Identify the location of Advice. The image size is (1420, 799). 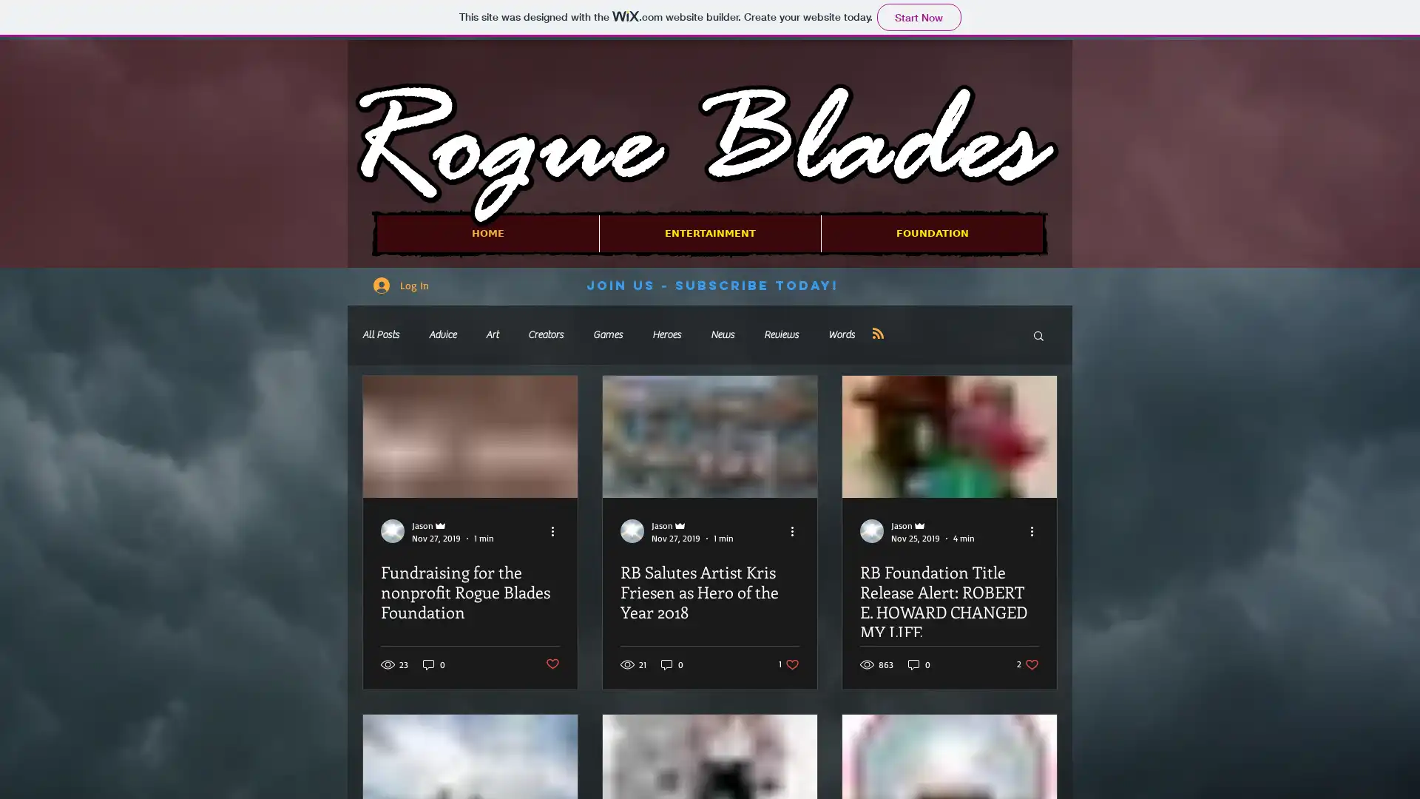
(442, 334).